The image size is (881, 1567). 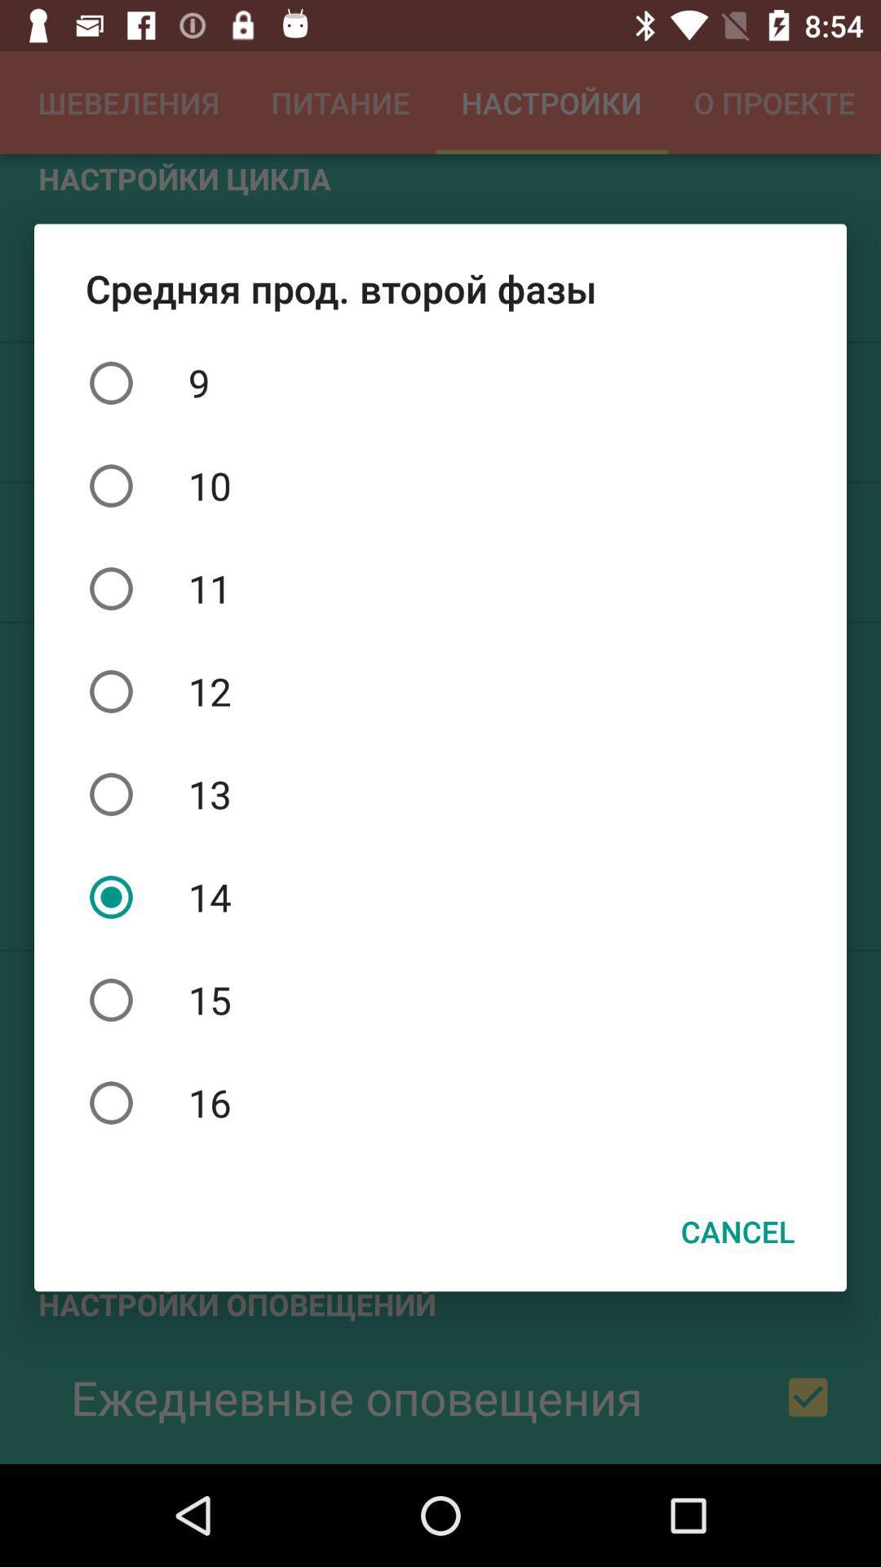 What do you see at coordinates (440, 485) in the screenshot?
I see `icon below the 9 icon` at bounding box center [440, 485].